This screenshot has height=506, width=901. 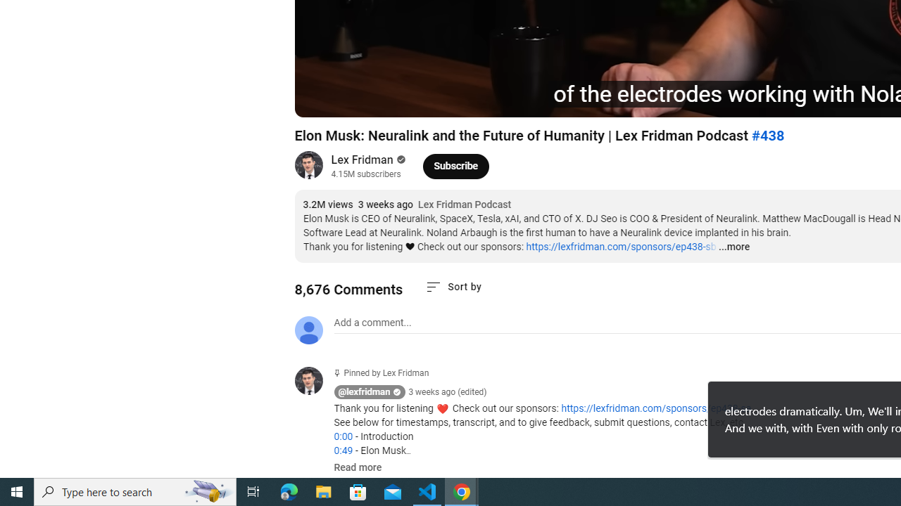 I want to click on 'Read more', so click(x=358, y=468).